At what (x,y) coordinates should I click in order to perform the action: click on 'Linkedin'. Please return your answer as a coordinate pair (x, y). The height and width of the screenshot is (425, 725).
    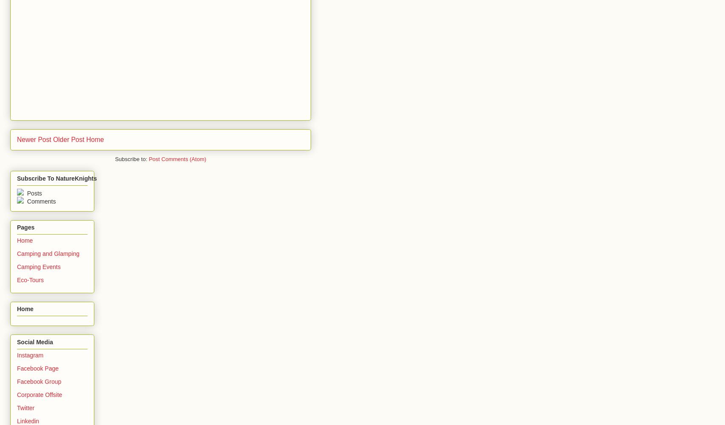
    Looking at the image, I should click on (28, 420).